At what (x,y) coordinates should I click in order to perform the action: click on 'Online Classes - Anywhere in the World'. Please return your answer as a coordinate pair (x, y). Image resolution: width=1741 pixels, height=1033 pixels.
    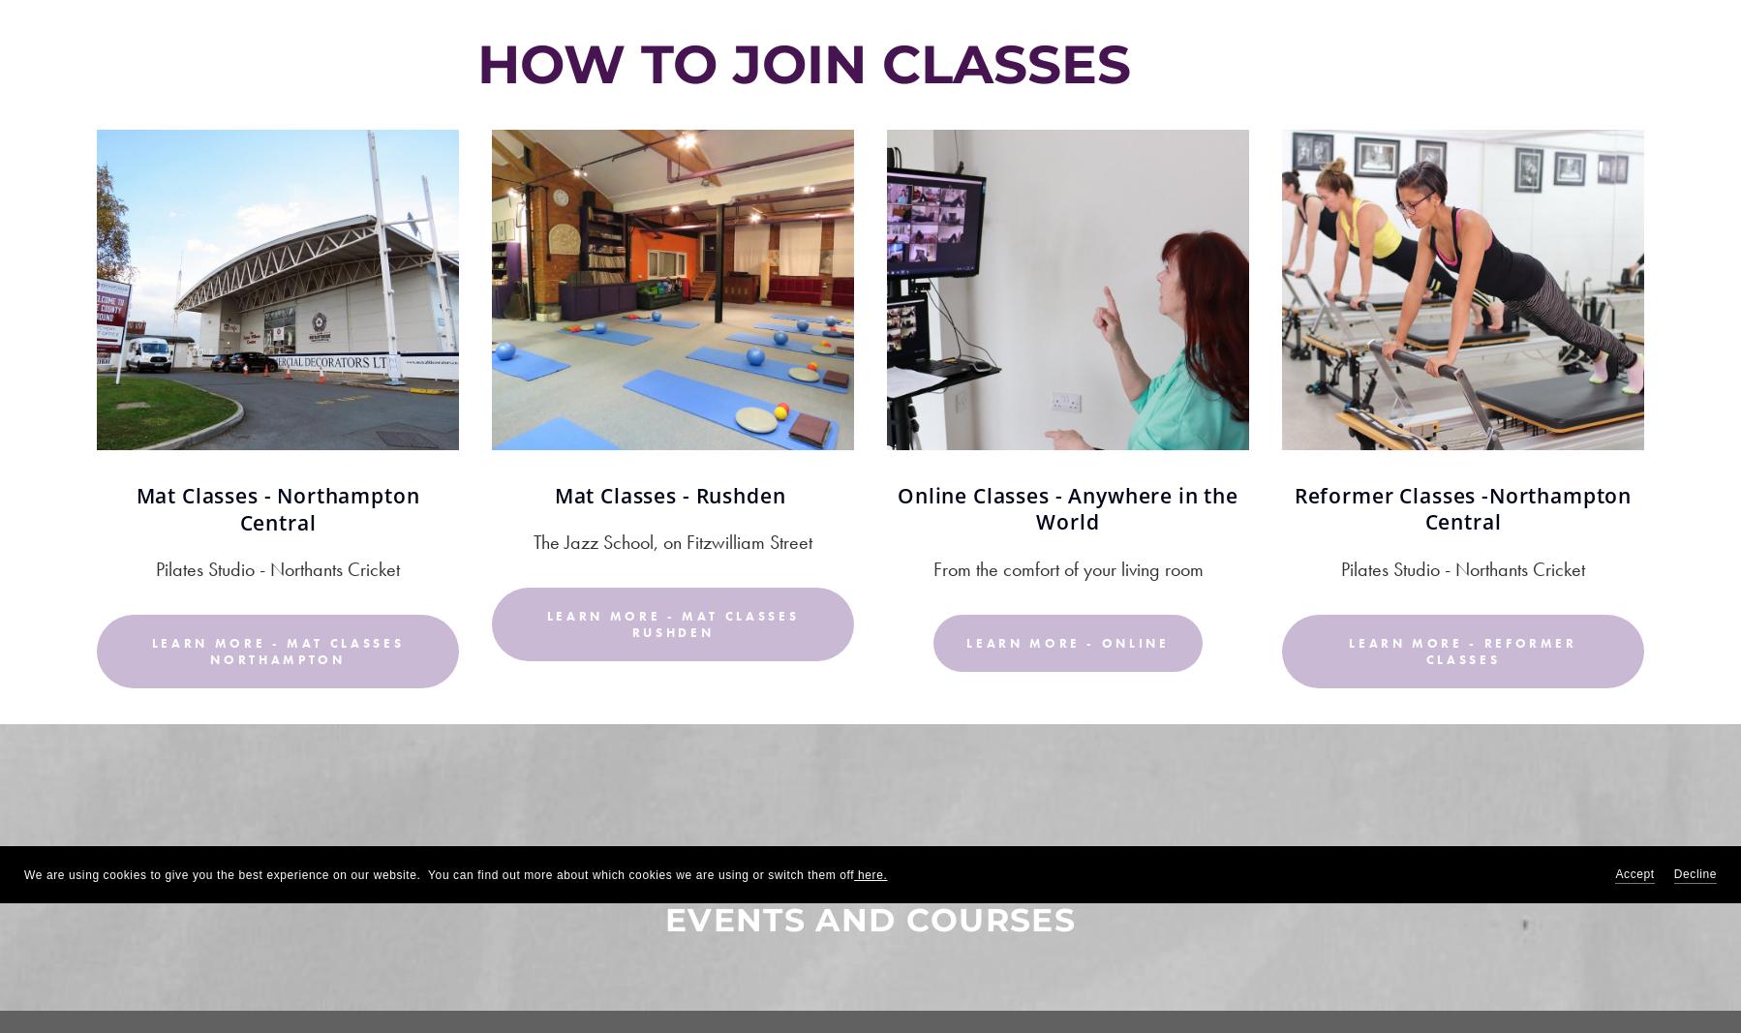
    Looking at the image, I should click on (1070, 507).